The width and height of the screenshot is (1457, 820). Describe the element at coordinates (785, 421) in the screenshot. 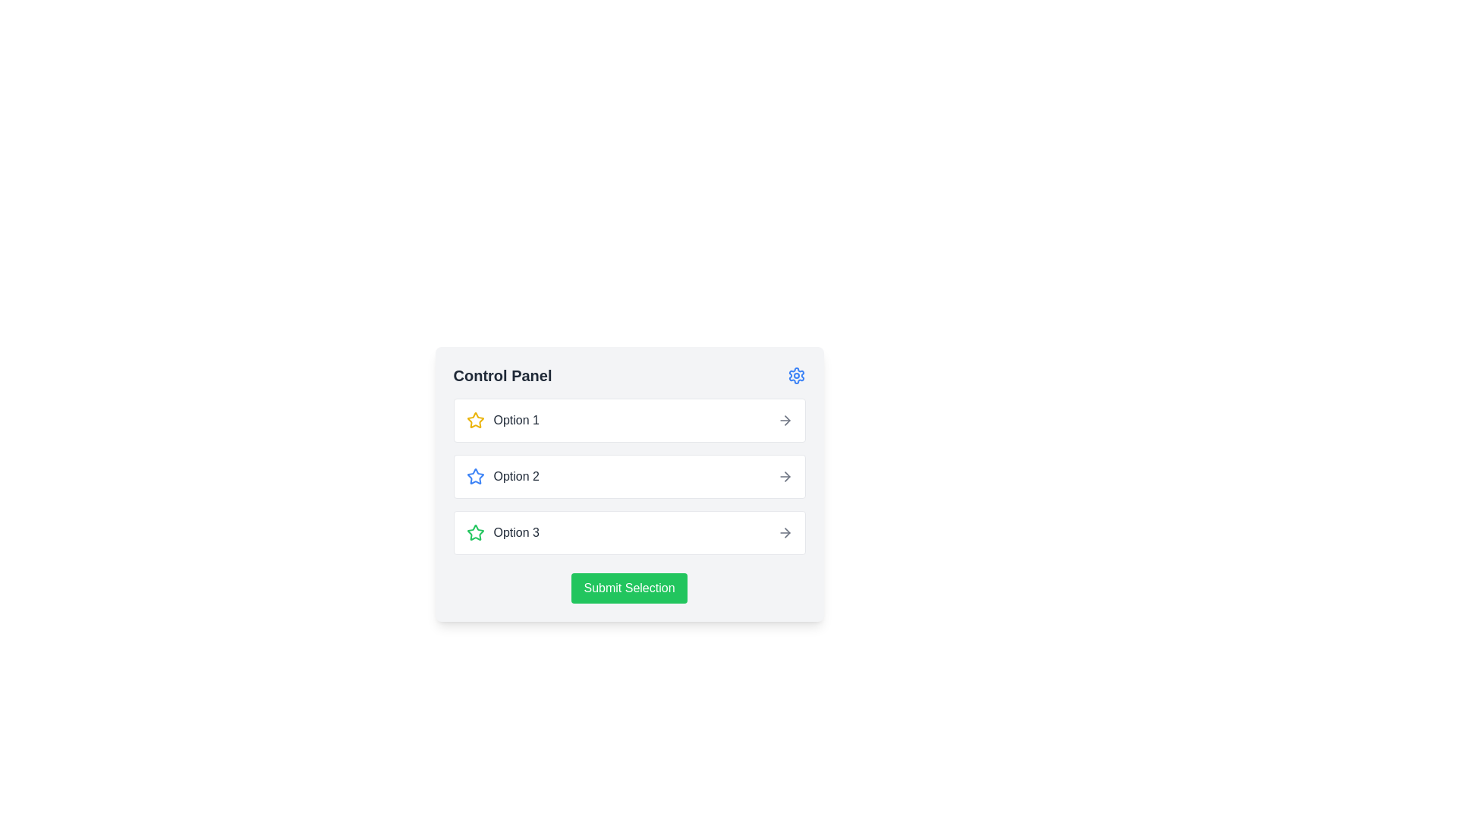

I see `the arrow icon located at the far-right end of the 'Option 1' list item, which serves as a navigational element` at that location.